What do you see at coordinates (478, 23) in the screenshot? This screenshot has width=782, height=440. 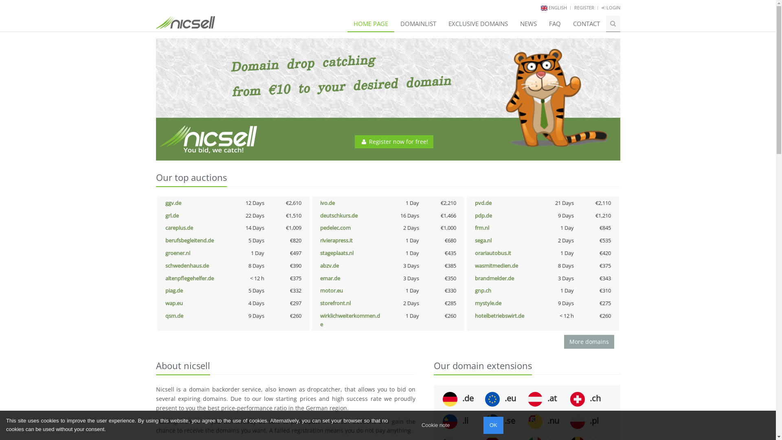 I see `'EXCLUSIVE DOMAINS'` at bounding box center [478, 23].